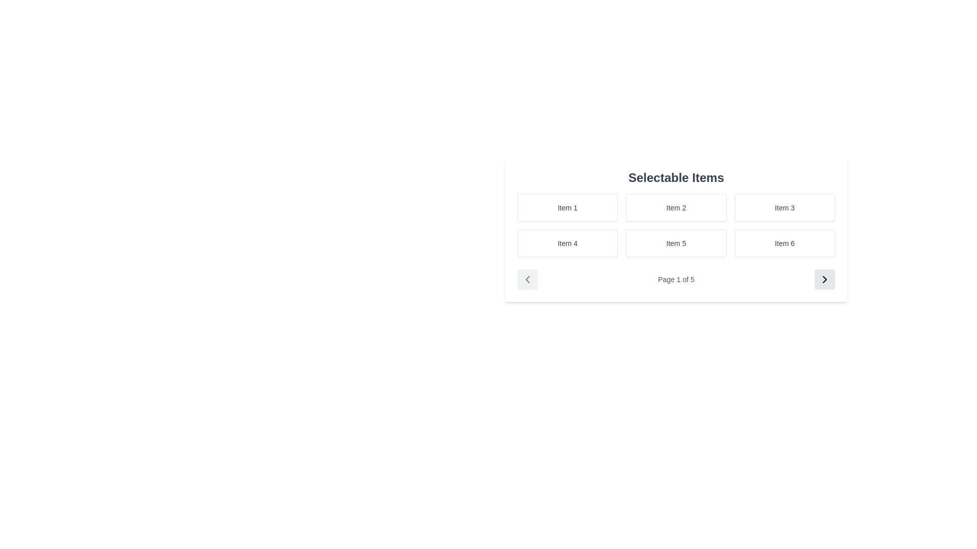 The image size is (977, 549). What do you see at coordinates (825, 280) in the screenshot?
I see `the right-chevron icon located in the bottom-right portion of the interface` at bounding box center [825, 280].